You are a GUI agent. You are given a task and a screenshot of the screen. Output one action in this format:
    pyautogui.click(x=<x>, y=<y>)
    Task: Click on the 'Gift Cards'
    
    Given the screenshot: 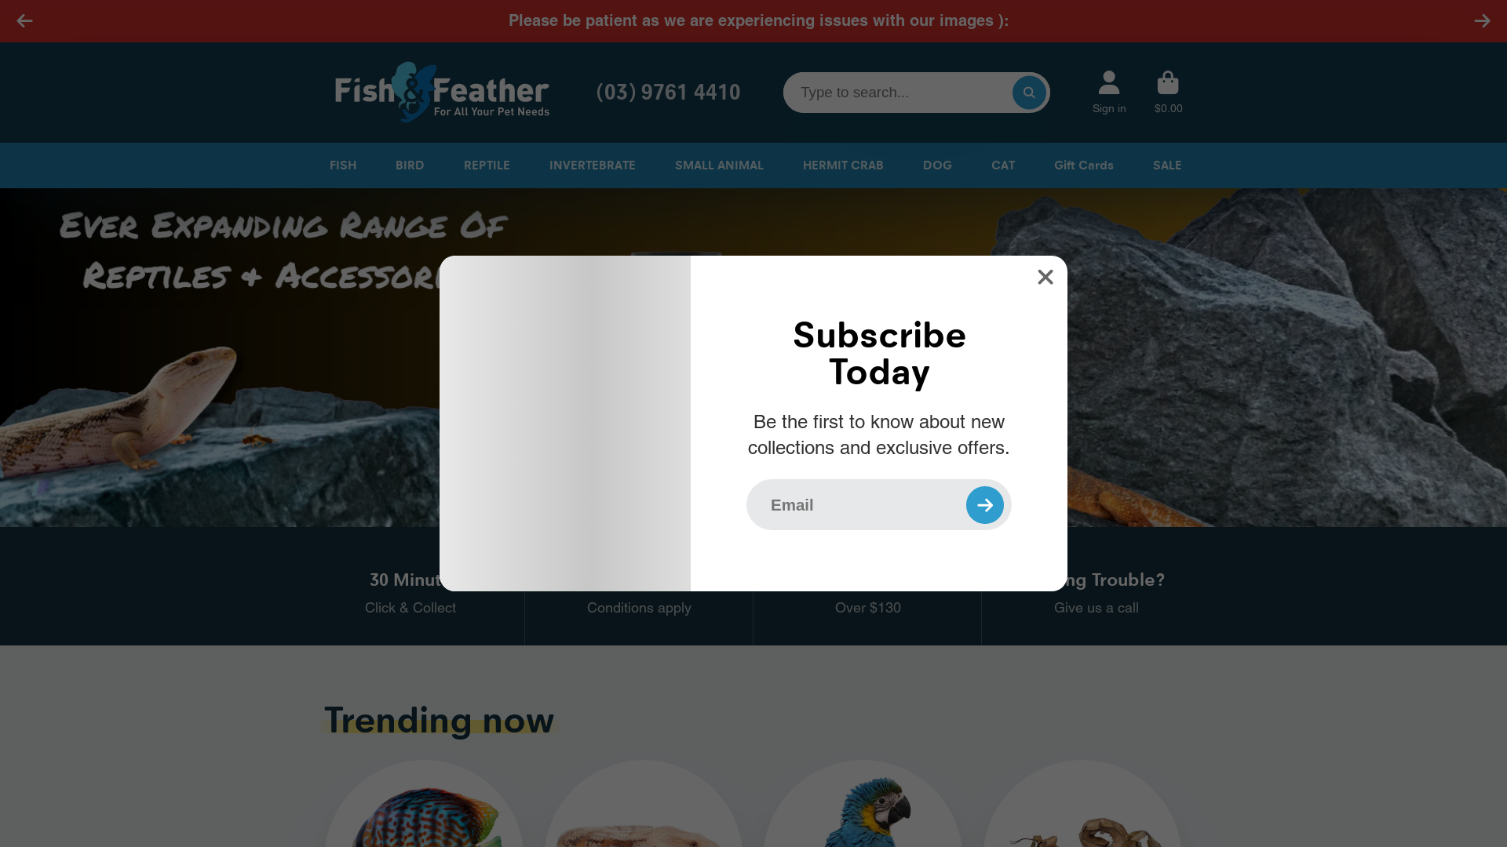 What is the action you would take?
    pyautogui.click(x=1080, y=165)
    